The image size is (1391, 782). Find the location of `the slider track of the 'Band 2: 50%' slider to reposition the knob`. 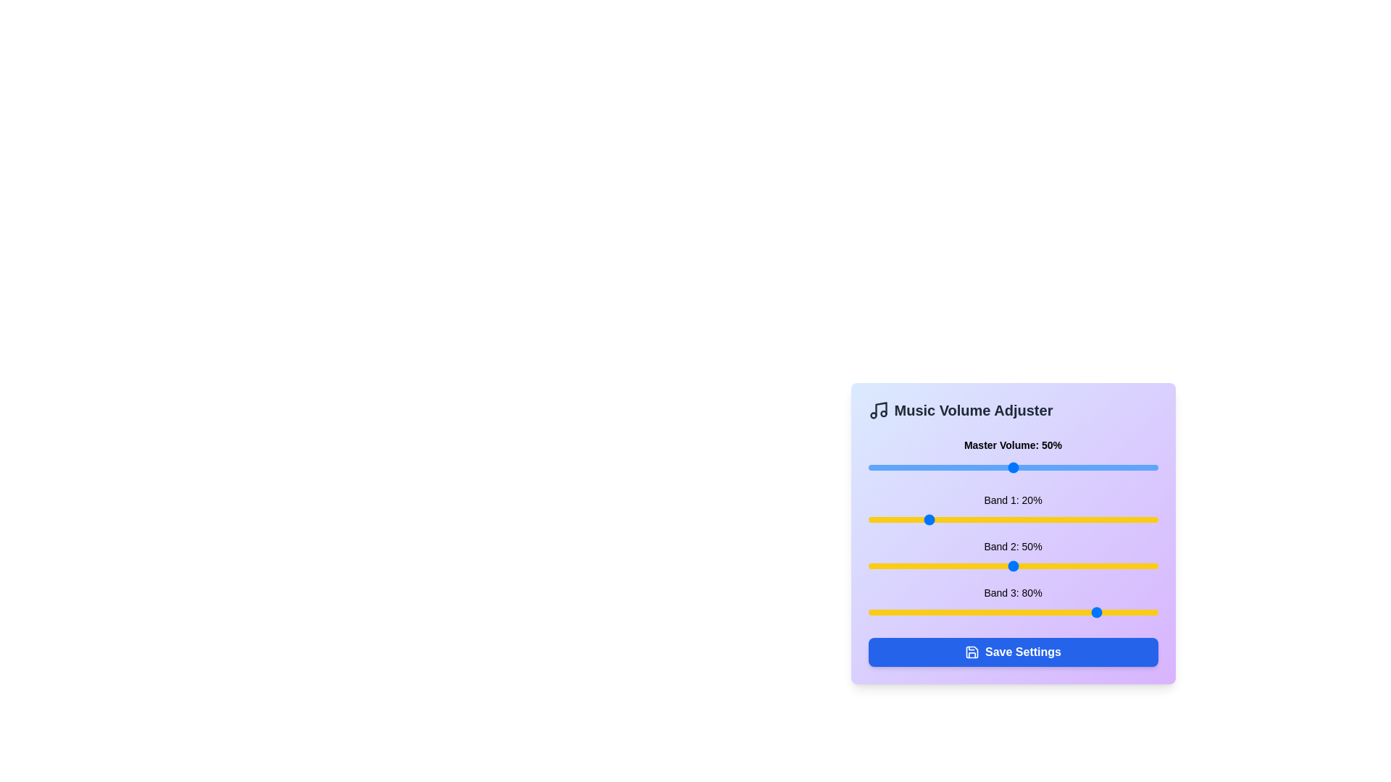

the slider track of the 'Band 2: 50%' slider to reposition the knob is located at coordinates (1012, 555).